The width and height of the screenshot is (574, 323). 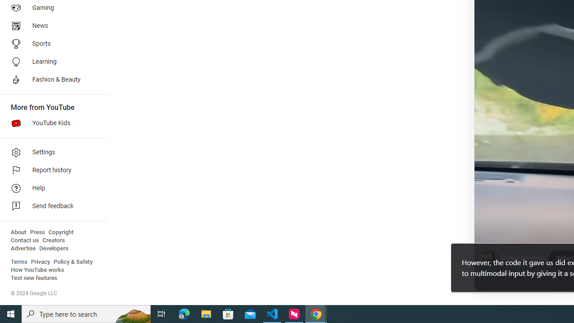 I want to click on 'Policy & Safety', so click(x=73, y=262).